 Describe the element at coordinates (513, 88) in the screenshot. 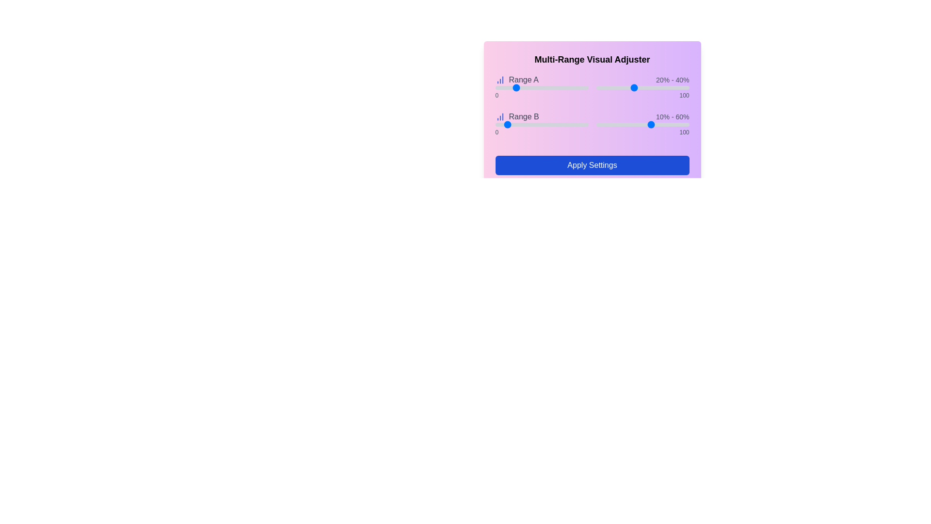

I see `the slider` at that location.